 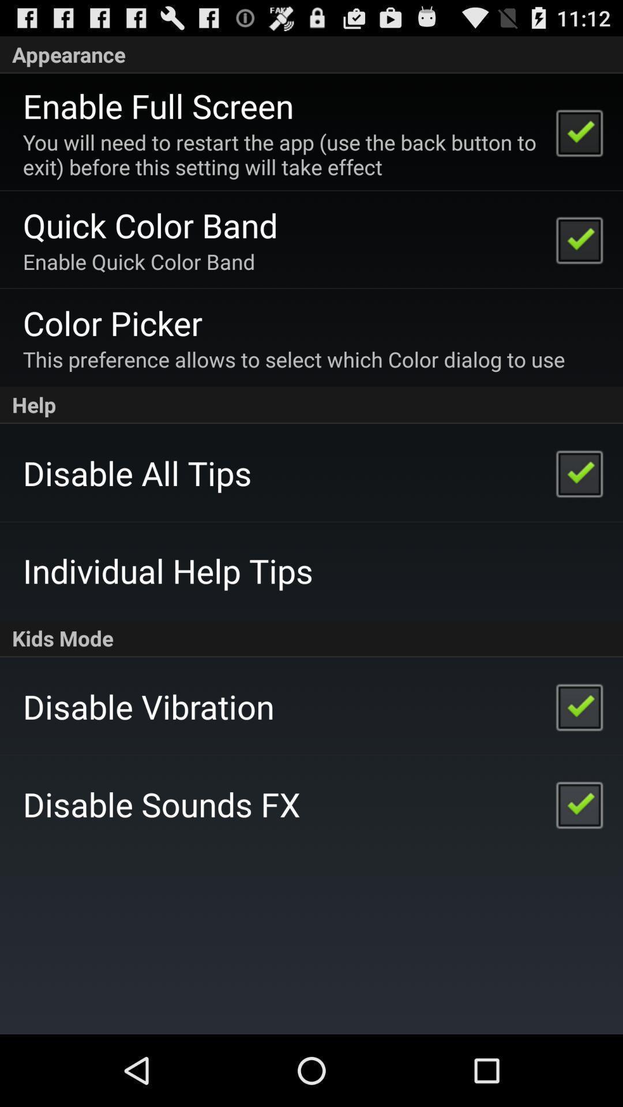 I want to click on enable full screen, so click(x=158, y=106).